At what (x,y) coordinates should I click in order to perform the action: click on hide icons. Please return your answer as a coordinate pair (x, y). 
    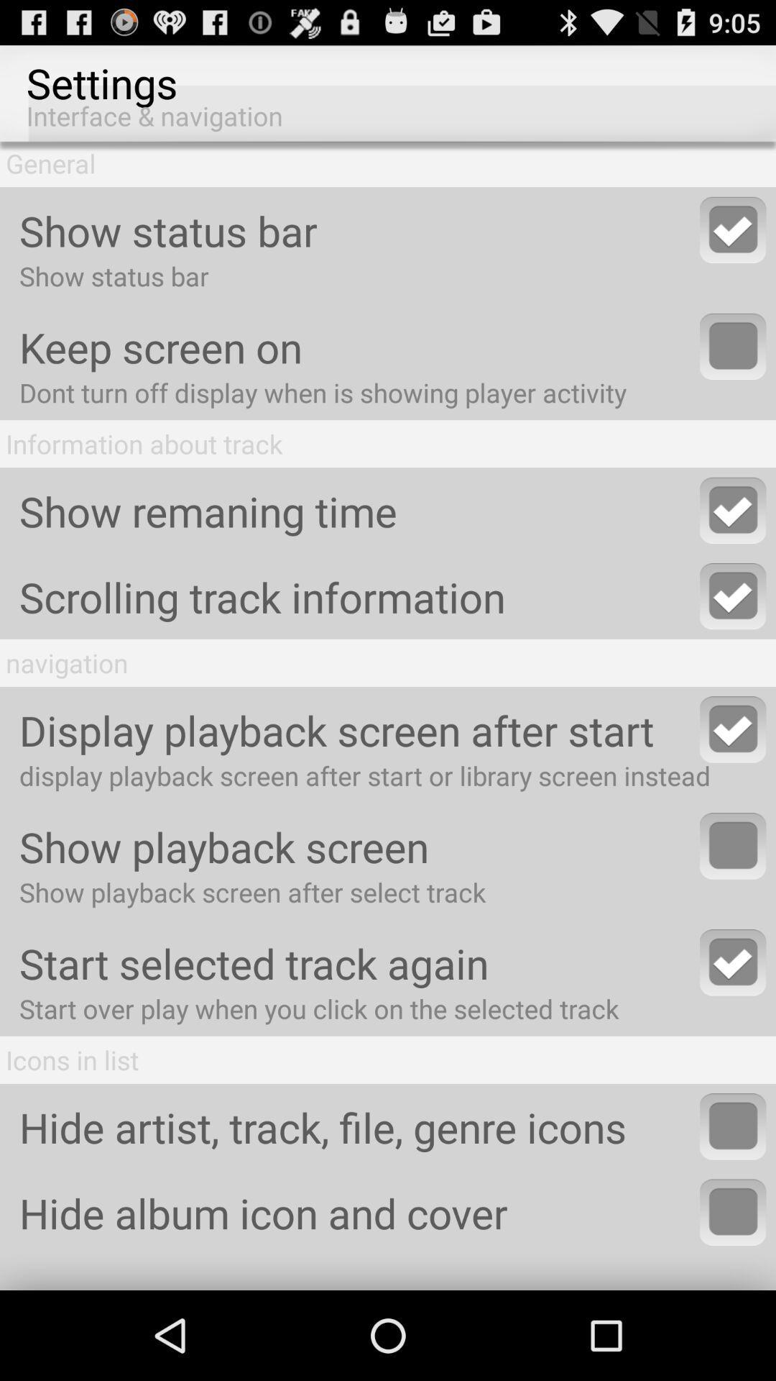
    Looking at the image, I should click on (733, 1126).